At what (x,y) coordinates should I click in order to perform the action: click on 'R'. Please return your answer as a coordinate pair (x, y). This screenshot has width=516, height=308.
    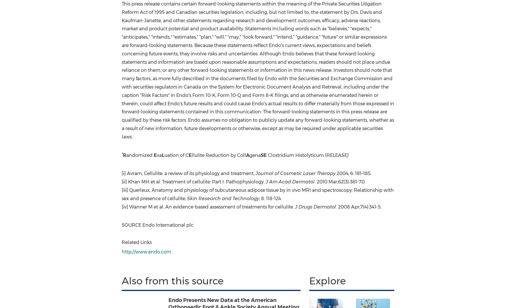
    Looking at the image, I should click on (124, 155).